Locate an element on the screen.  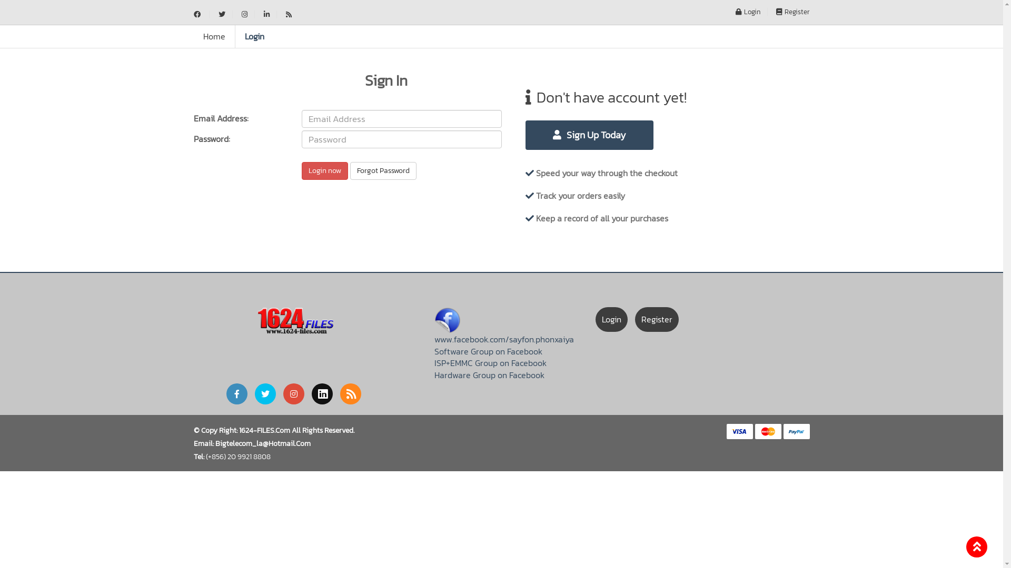
'Login' is located at coordinates (747, 12).